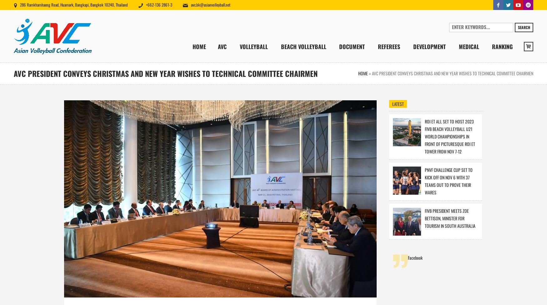 This screenshot has width=547, height=305. What do you see at coordinates (210, 5) in the screenshot?
I see `'avc.bk@asianvolleyball.net'` at bounding box center [210, 5].